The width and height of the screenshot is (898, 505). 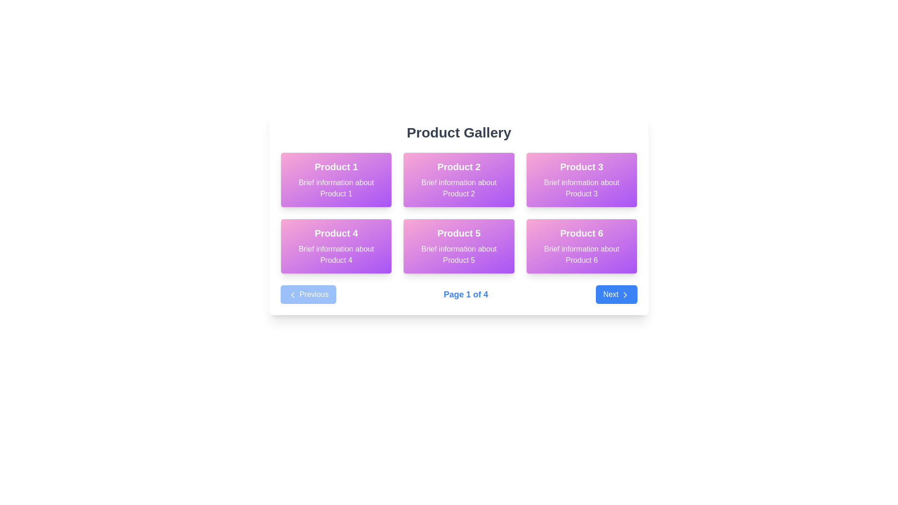 I want to click on the product card representing the fifth product in the gallery, located in the second row and second column of the grid layout, so click(x=459, y=246).